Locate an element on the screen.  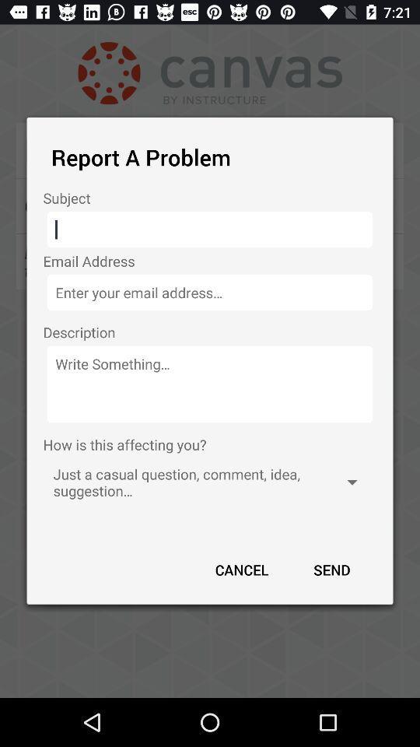
the icon next to cancel is located at coordinates (331, 569).